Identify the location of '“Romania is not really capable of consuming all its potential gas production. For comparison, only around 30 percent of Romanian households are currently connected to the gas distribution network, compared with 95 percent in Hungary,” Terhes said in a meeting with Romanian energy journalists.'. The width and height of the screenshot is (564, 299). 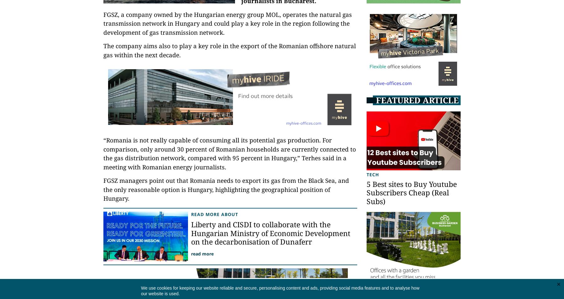
(229, 153).